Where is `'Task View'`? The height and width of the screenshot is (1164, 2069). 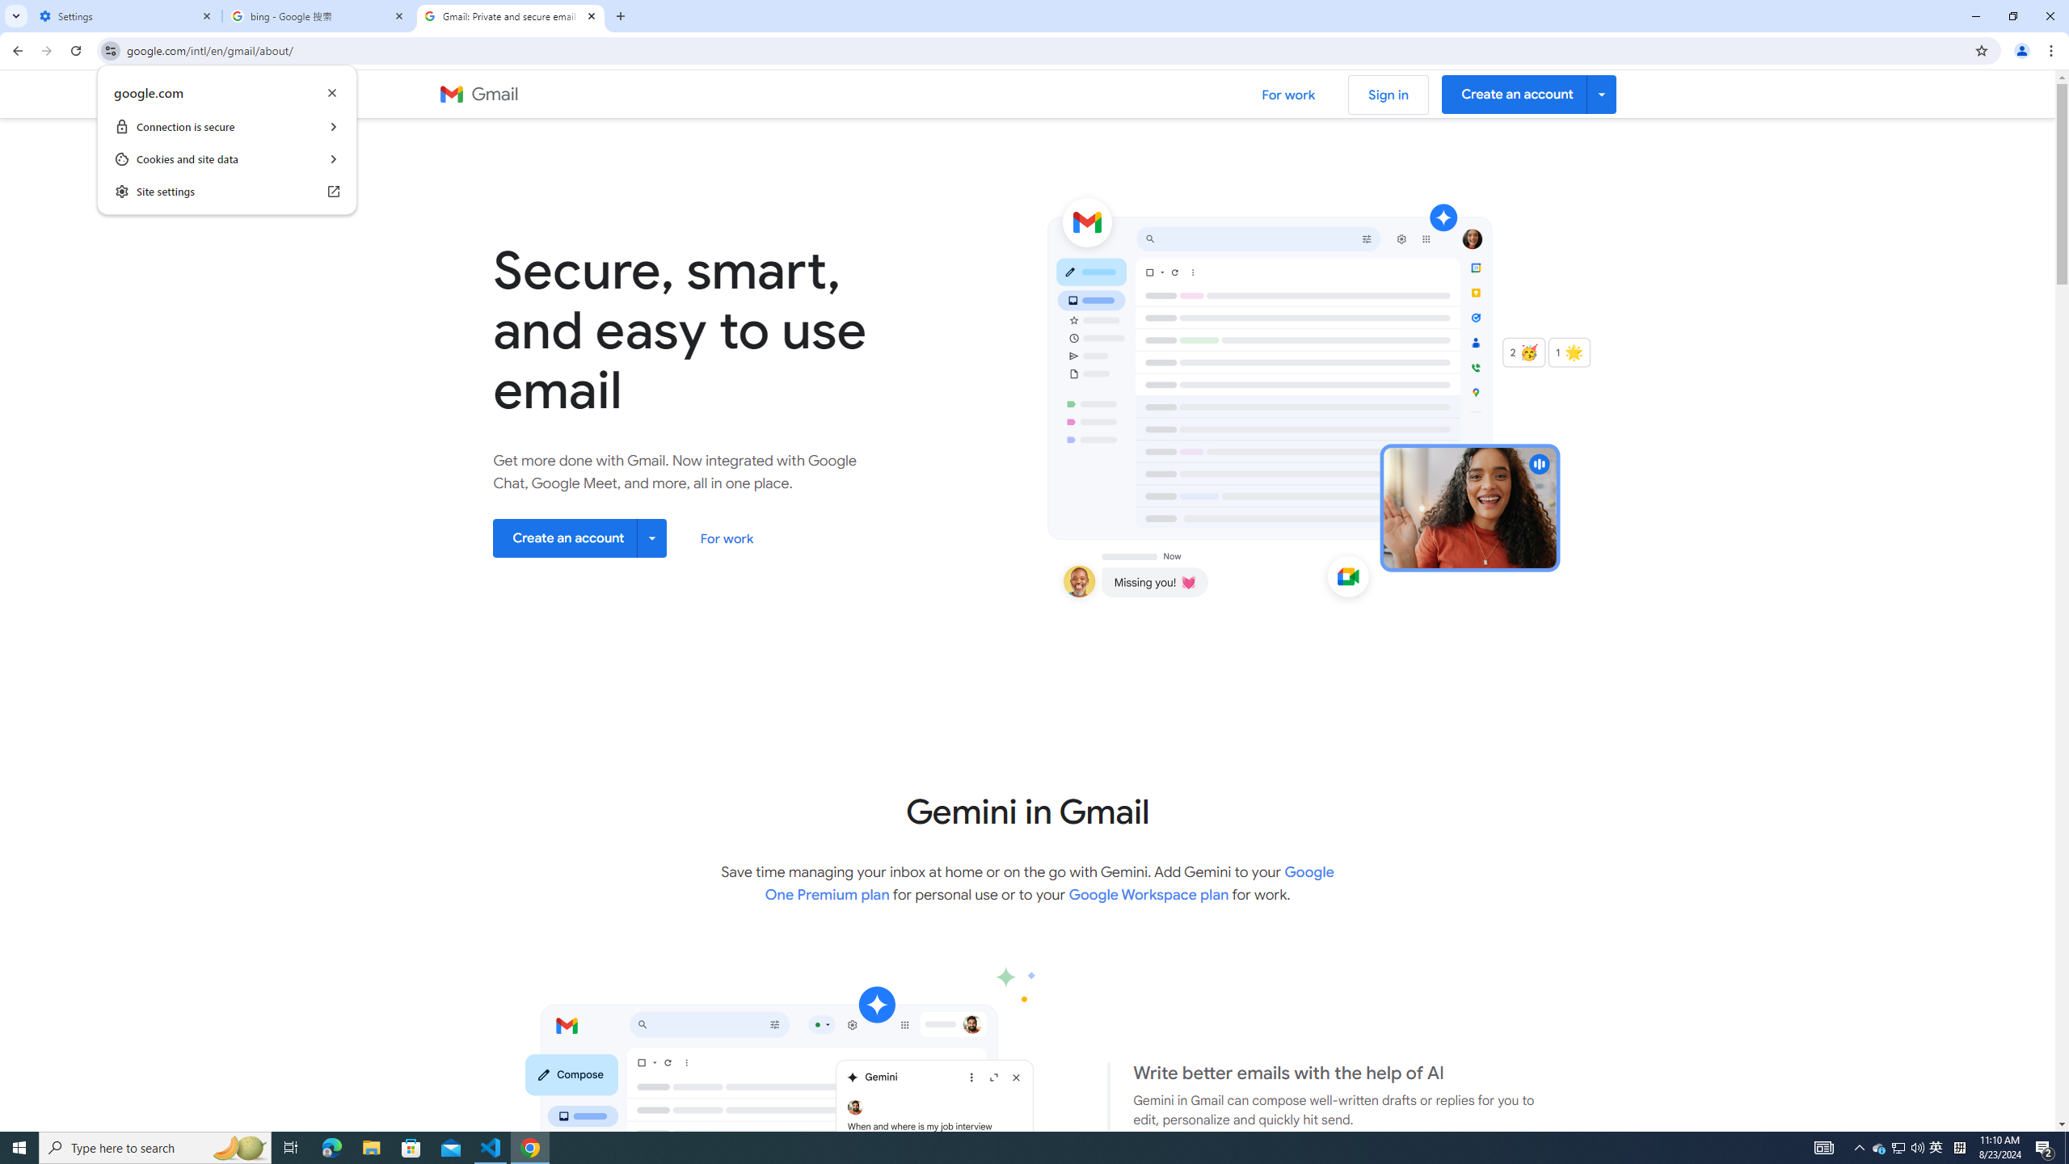 'Task View' is located at coordinates (289, 1146).